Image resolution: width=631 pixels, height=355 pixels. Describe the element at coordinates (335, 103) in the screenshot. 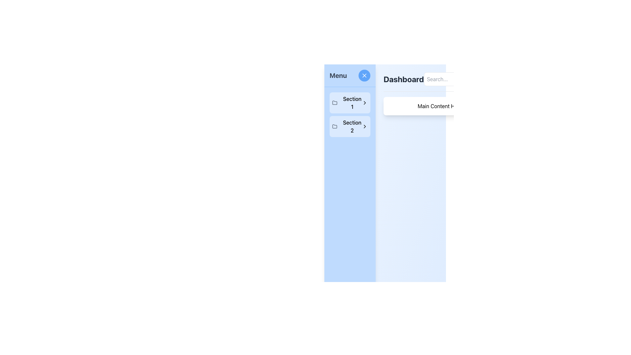

I see `the folder icon representing the 'Section 1' menu item on the left sidebar to check for any tooltip appearance` at that location.